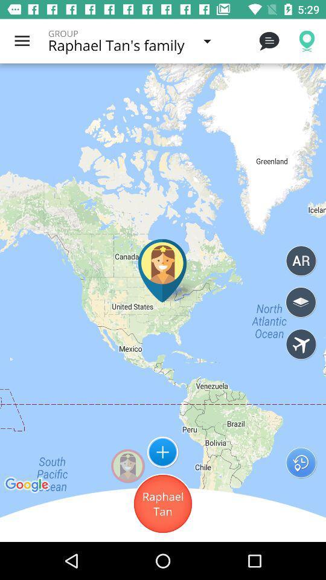  What do you see at coordinates (269, 41) in the screenshot?
I see `icon to the right of raphael tan s icon` at bounding box center [269, 41].